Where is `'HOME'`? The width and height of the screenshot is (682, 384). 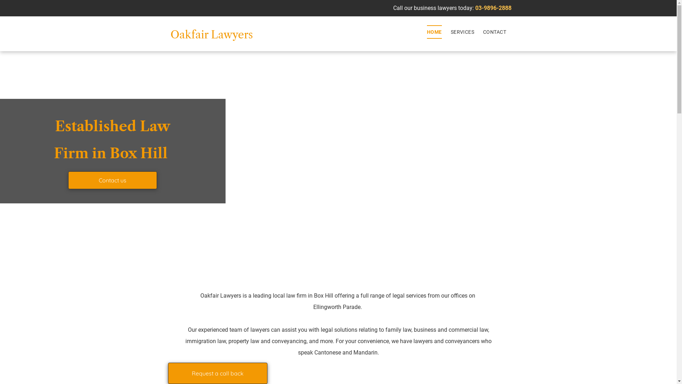
'HOME' is located at coordinates (429, 31).